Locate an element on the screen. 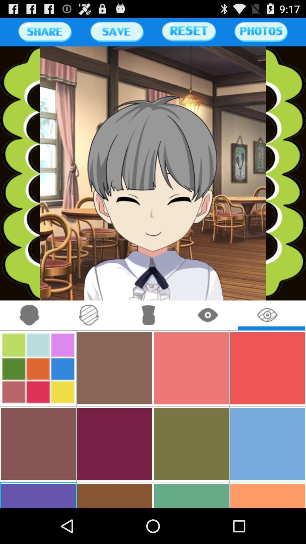 This screenshot has height=544, width=306. the sliders icon is located at coordinates (116, 34).